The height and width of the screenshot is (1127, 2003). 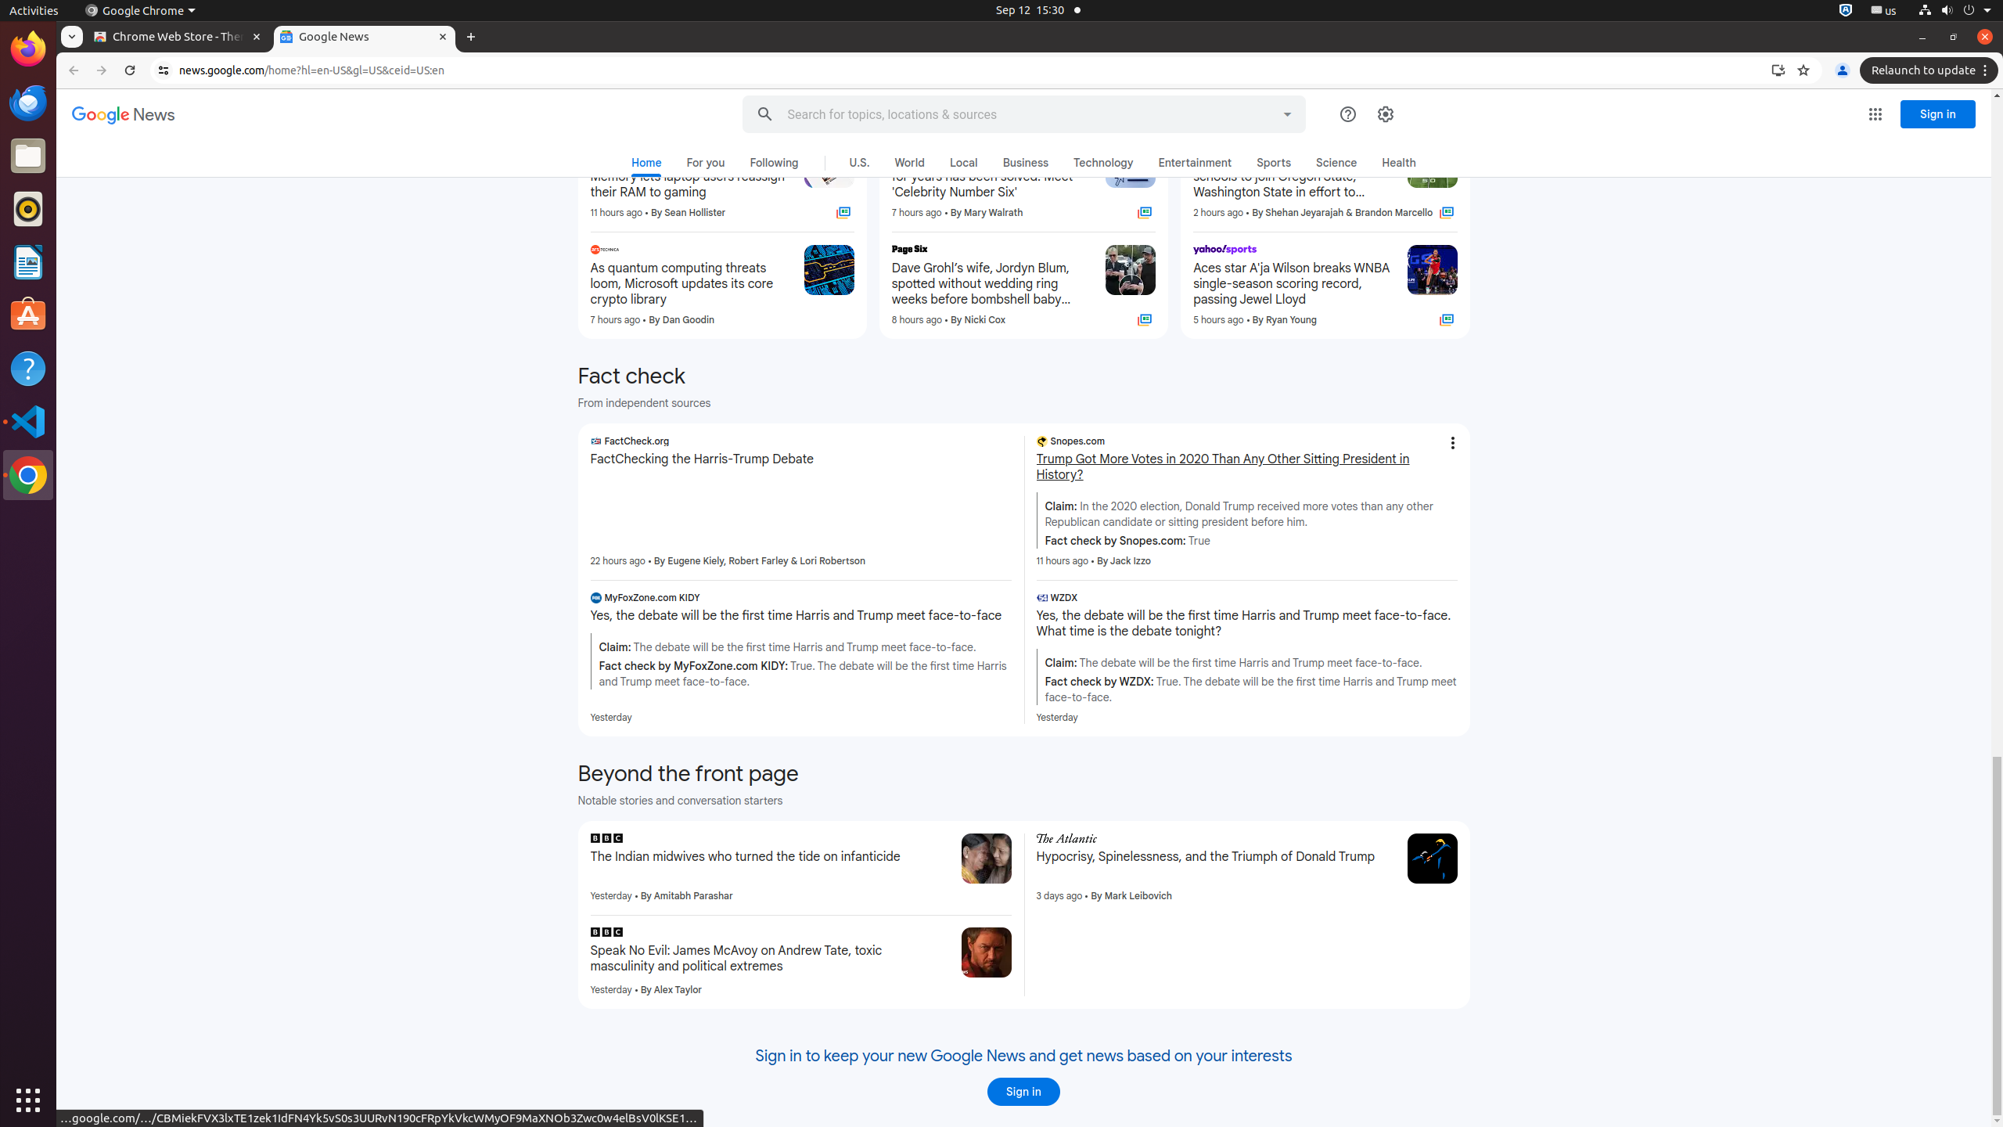 I want to click on 'Local', so click(x=963, y=161).